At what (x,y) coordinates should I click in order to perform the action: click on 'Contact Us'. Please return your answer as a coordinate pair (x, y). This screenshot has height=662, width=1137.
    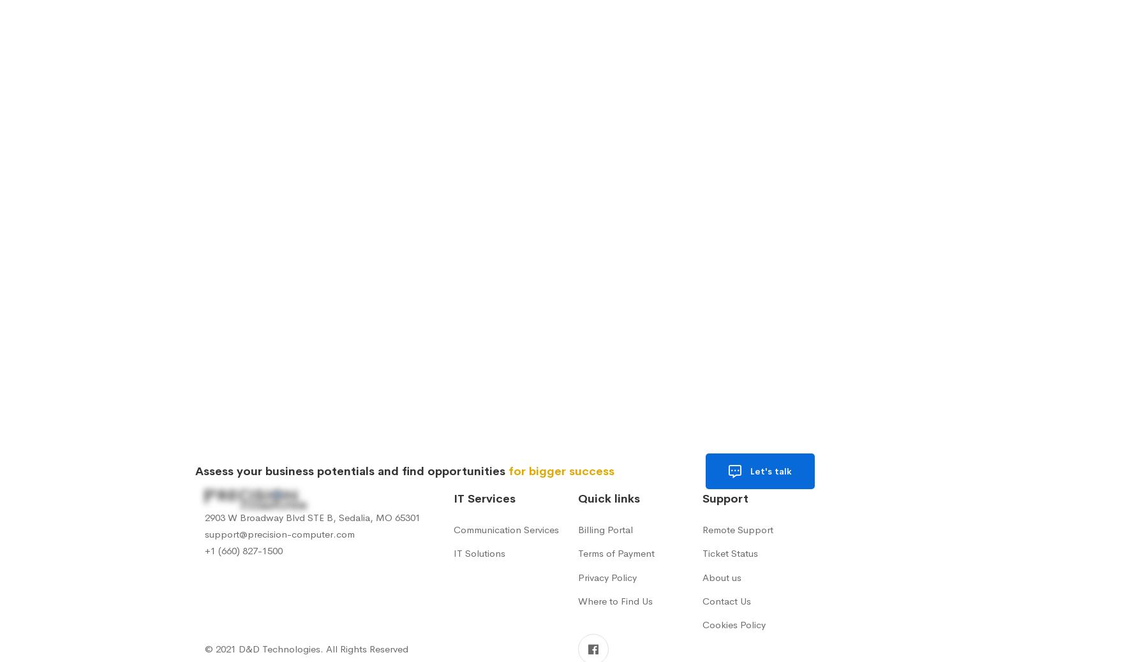
    Looking at the image, I should click on (727, 600).